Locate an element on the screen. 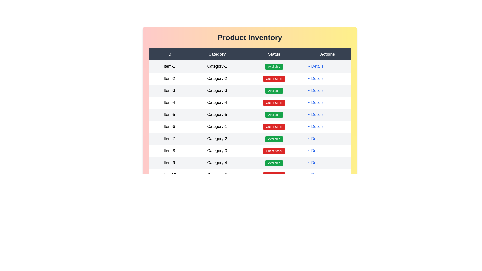 This screenshot has height=271, width=482. the table header to sort by ID is located at coordinates (169, 54).